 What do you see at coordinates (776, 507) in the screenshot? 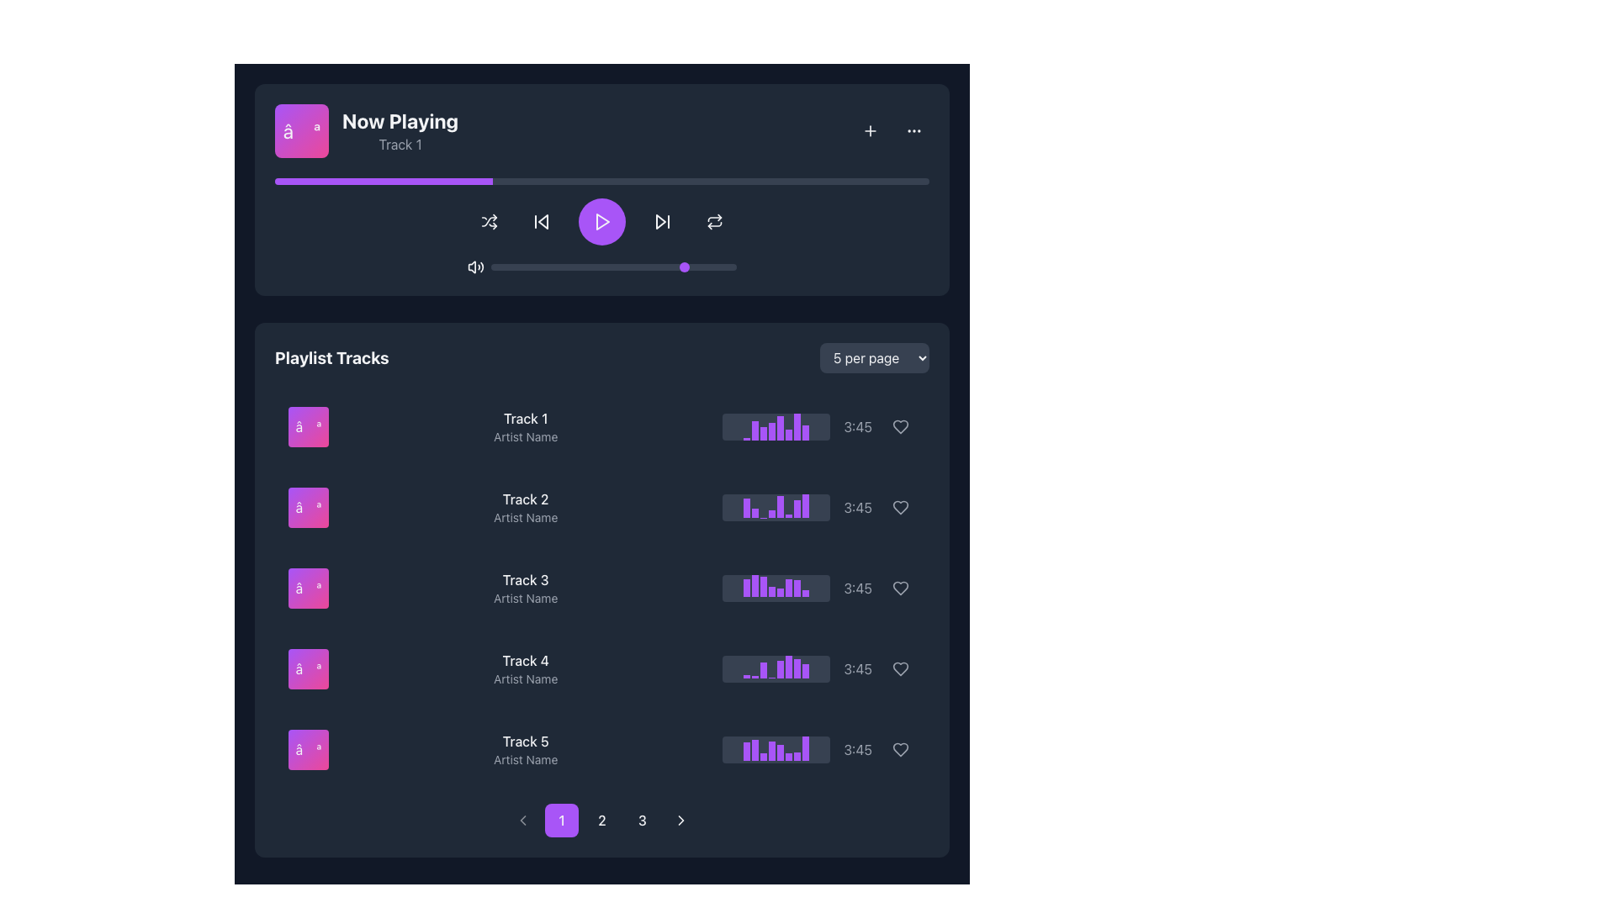
I see `the horizontal bar graph with purple vertical bars located in the second row under the 'Playlist Tracks' section, positioned to the right of 'Track 2' and to the left of '3:45'` at bounding box center [776, 507].